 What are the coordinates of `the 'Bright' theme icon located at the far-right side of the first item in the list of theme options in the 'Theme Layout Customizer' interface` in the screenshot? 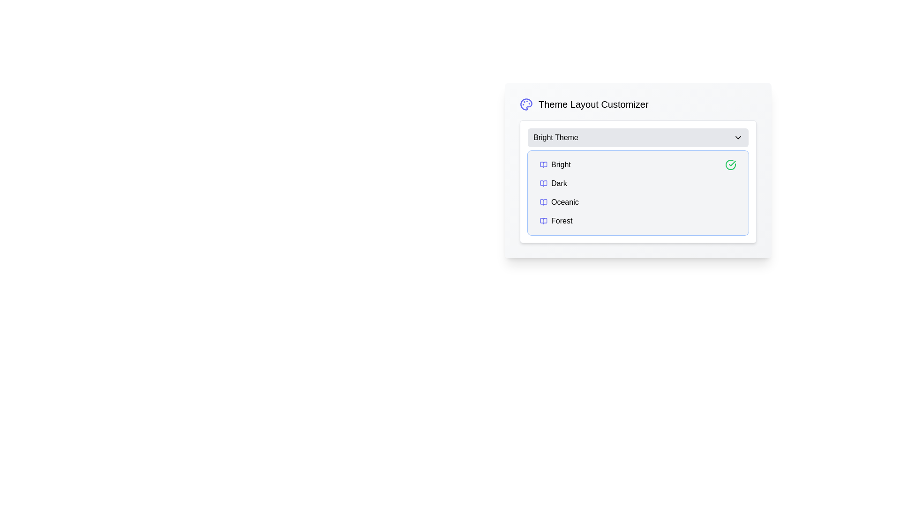 It's located at (730, 164).